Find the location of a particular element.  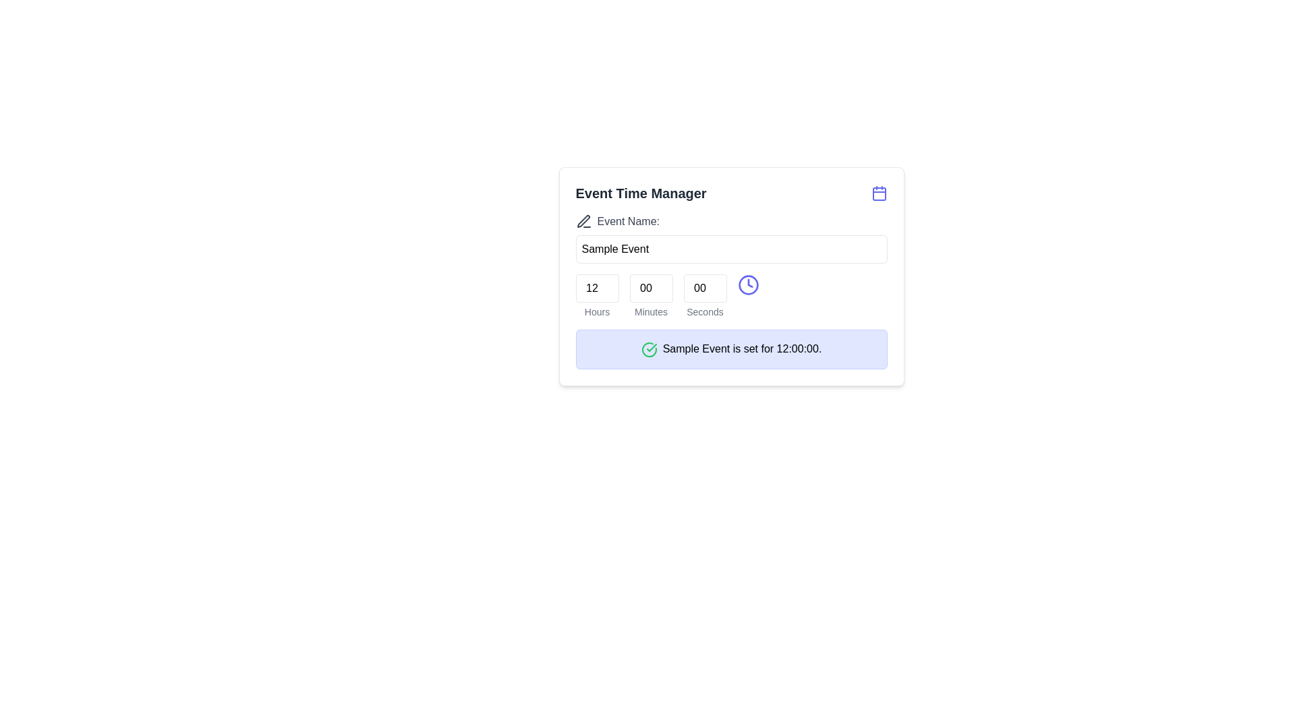

the green checkmark icon located inside the circular outline of the larger indicator in the notification block at the bottom of the event manager card is located at coordinates (652, 346).